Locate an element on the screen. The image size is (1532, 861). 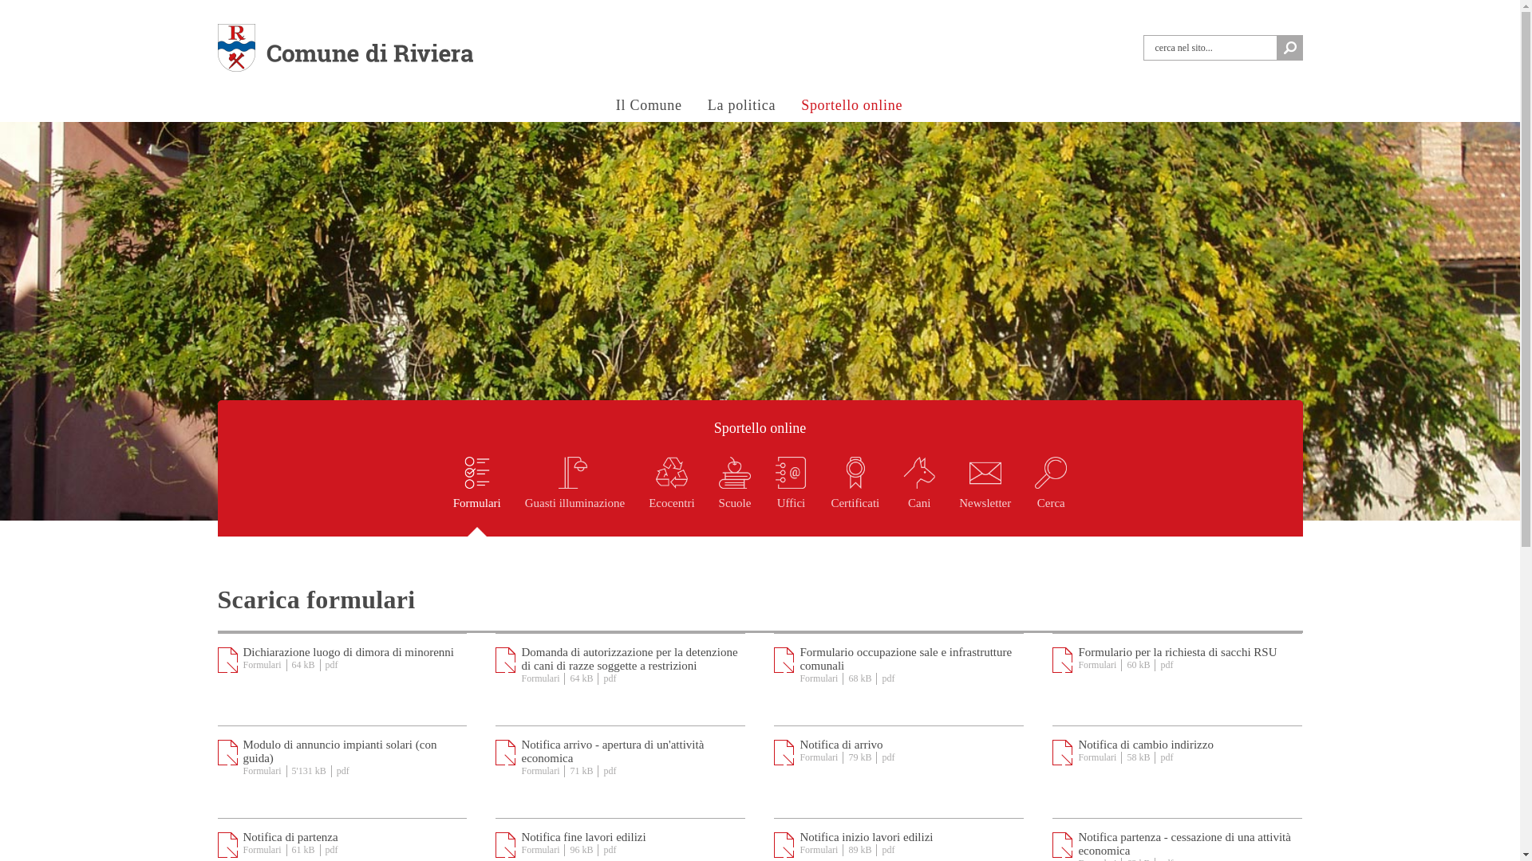
'Newsletter' is located at coordinates (984, 496).